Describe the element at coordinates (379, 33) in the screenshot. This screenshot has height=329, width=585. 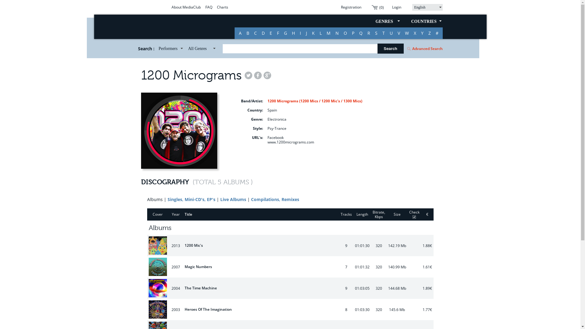
I see `'T'` at that location.